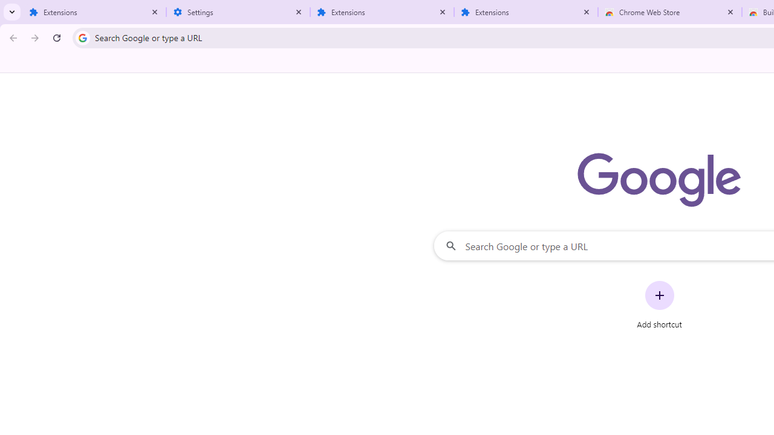  I want to click on 'Settings', so click(238, 12).